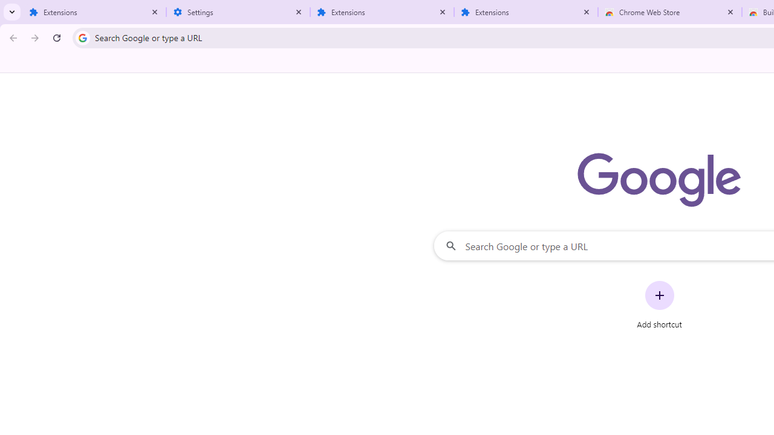  I want to click on 'Settings', so click(238, 12).